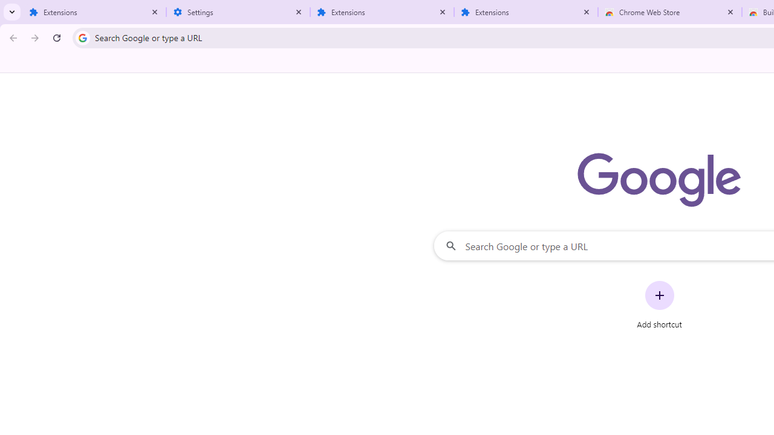  I want to click on 'Settings', so click(238, 12).